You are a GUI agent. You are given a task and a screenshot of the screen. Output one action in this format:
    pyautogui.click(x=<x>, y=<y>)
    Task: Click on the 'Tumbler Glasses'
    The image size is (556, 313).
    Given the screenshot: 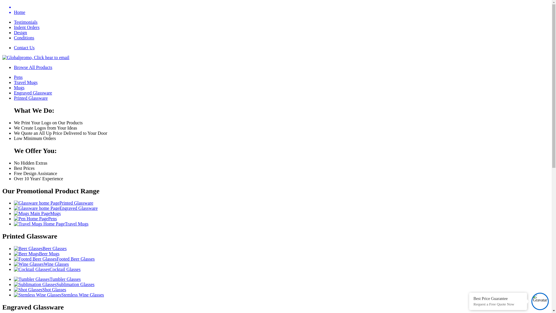 What is the action you would take?
    pyautogui.click(x=47, y=279)
    